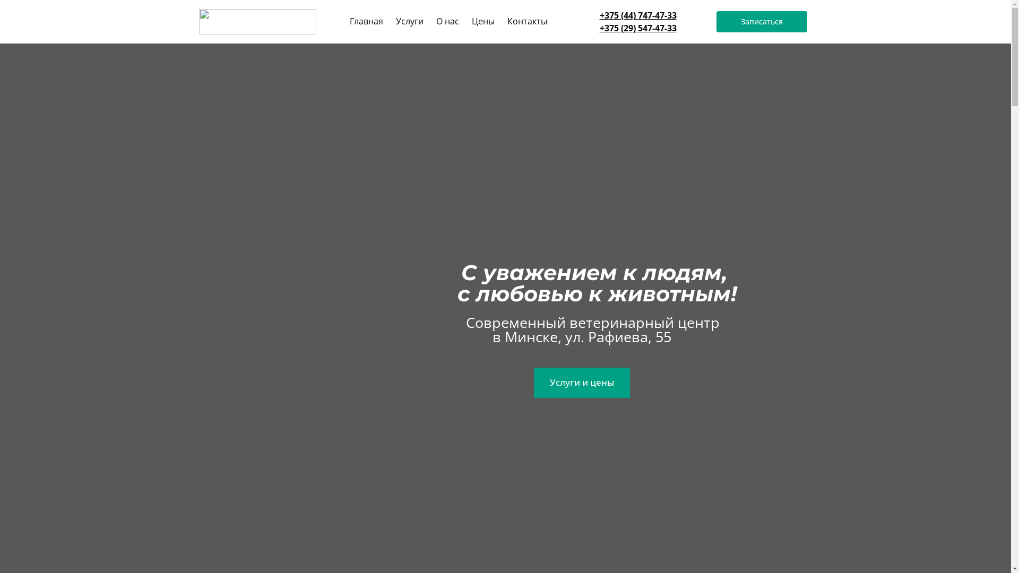  What do you see at coordinates (599, 15) in the screenshot?
I see `'+375 (44) 747-47-33'` at bounding box center [599, 15].